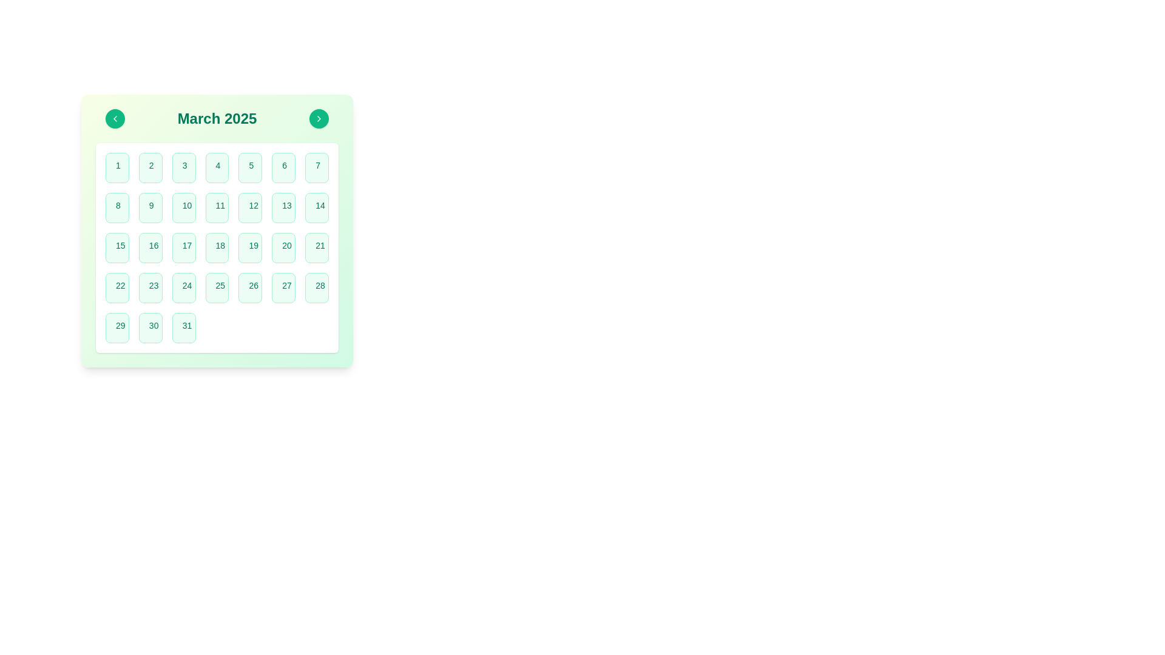 The image size is (1165, 655). Describe the element at coordinates (117, 207) in the screenshot. I see `the button-like calendar box element representing March 8th, which has a light green background and the number '8' in the center` at that location.